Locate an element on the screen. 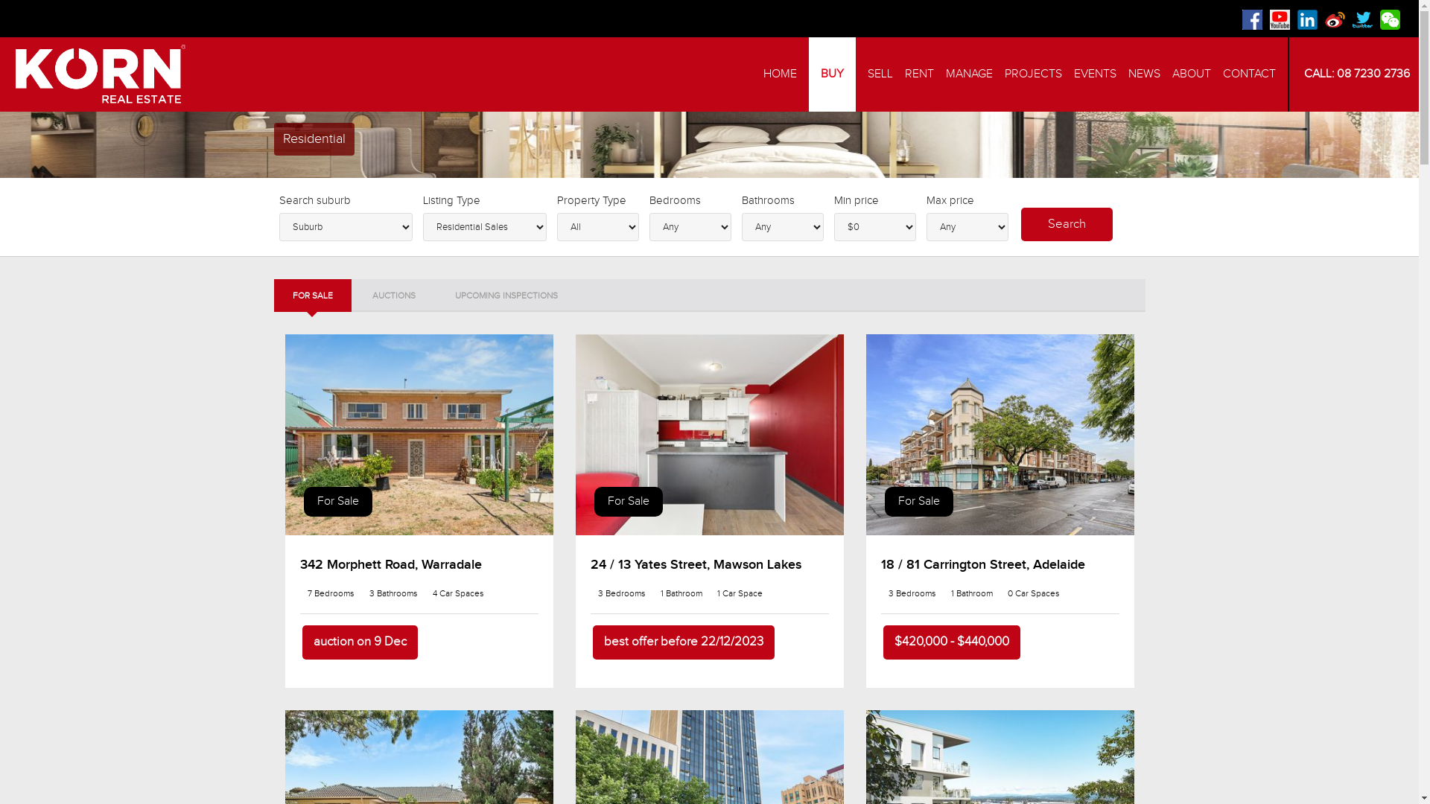 The width and height of the screenshot is (1430, 804). 'auction on 9 Dec' is located at coordinates (302, 642).